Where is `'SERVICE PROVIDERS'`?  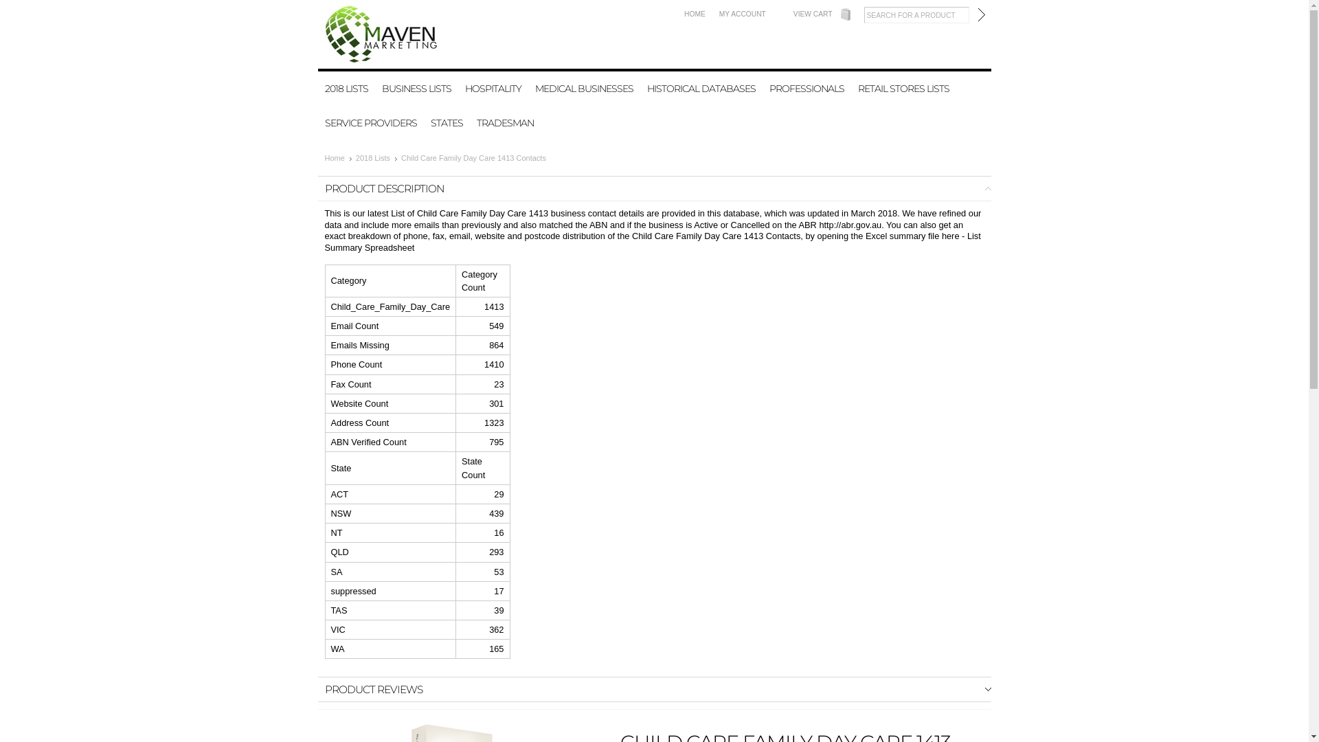 'SERVICE PROVIDERS' is located at coordinates (370, 122).